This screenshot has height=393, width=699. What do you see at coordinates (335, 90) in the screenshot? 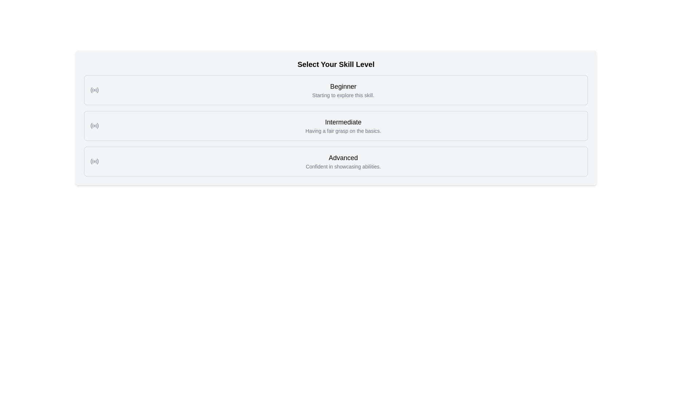
I see `the first selectable button labeled 'Beginner' in the multiple-choice list` at bounding box center [335, 90].